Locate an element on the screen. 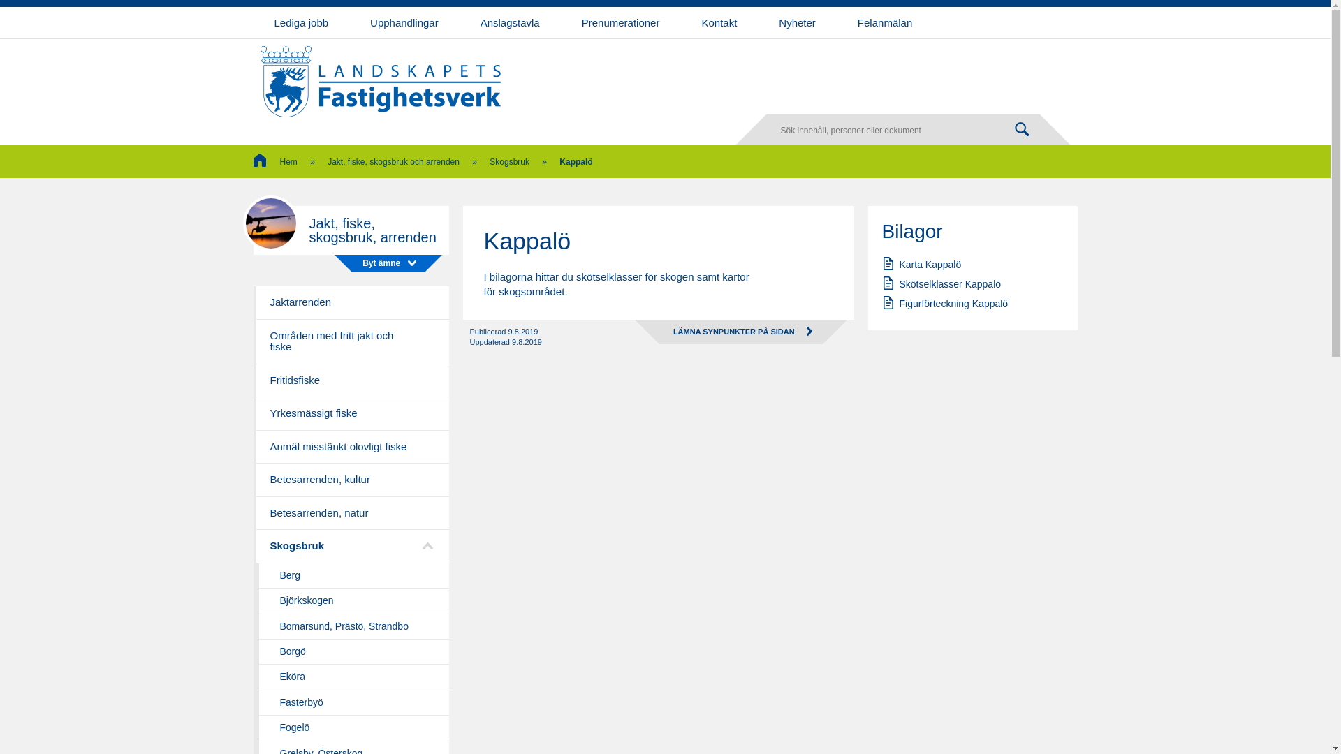 The width and height of the screenshot is (1341, 754). 'Lediga jobb' is located at coordinates (300, 22).